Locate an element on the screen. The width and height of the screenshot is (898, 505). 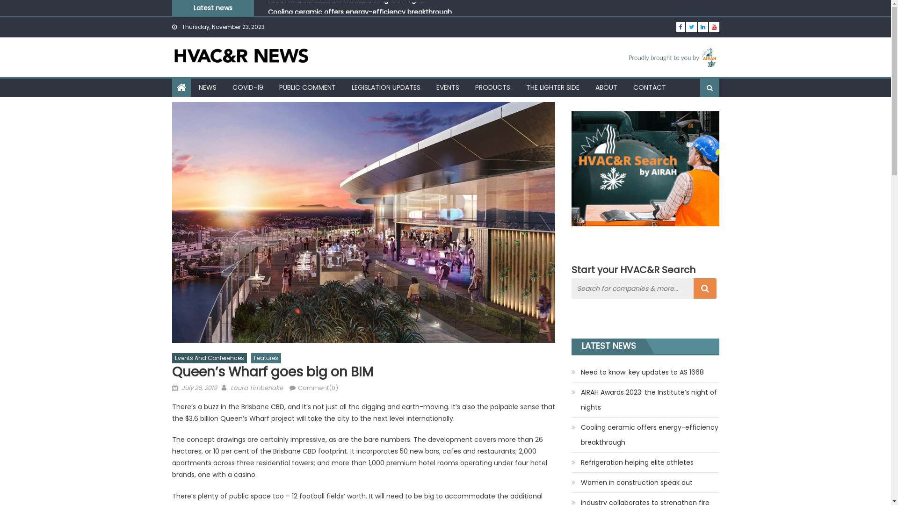
'NEWS' is located at coordinates (191, 87).